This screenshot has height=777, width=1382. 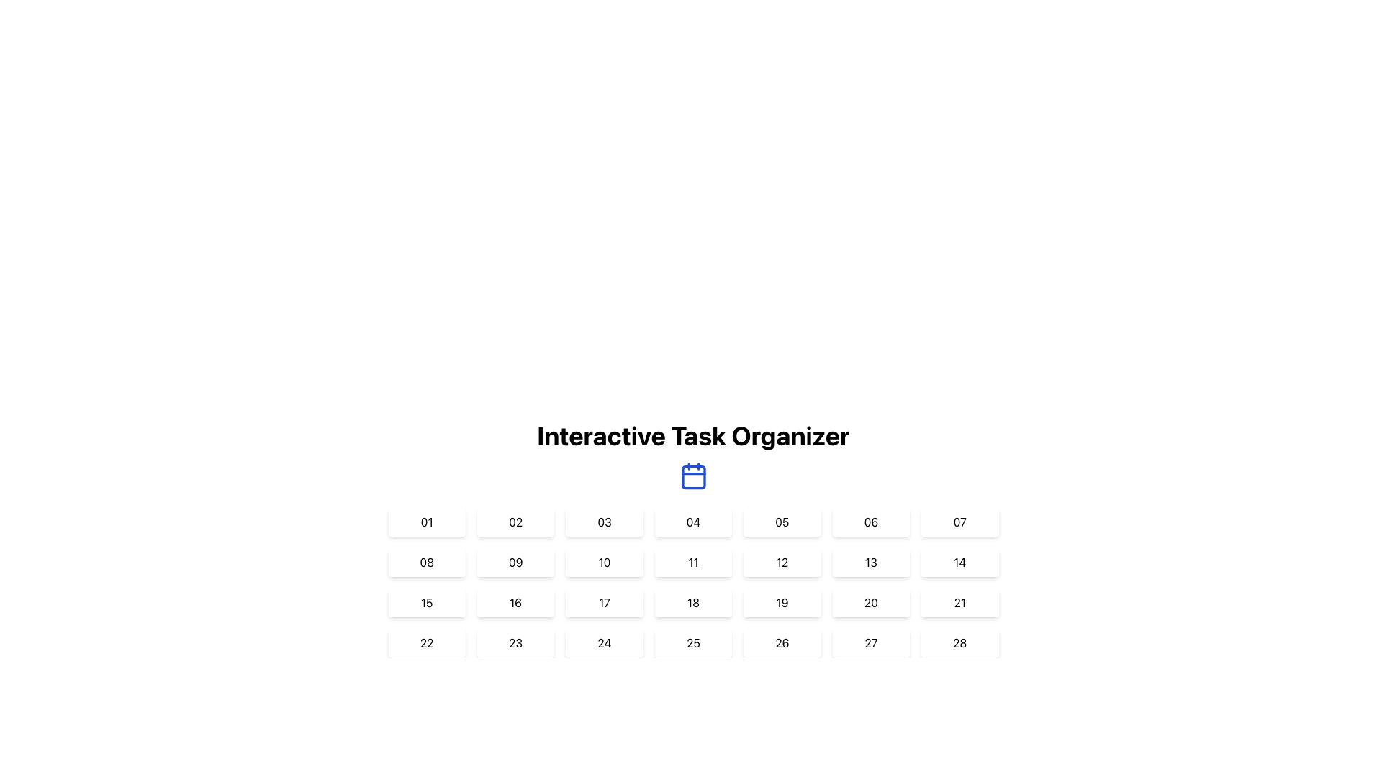 What do you see at coordinates (693, 642) in the screenshot?
I see `the 25th day button in the calendar` at bounding box center [693, 642].